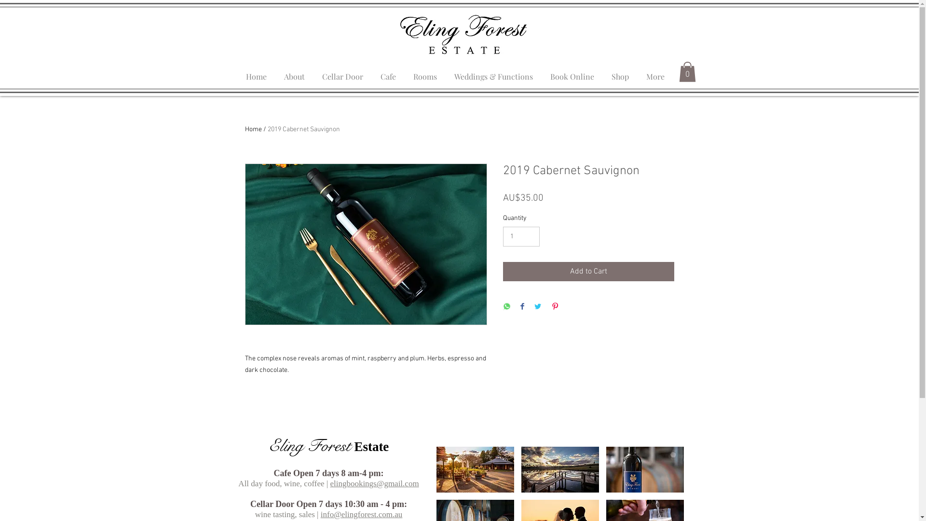  What do you see at coordinates (687, 71) in the screenshot?
I see `'0'` at bounding box center [687, 71].